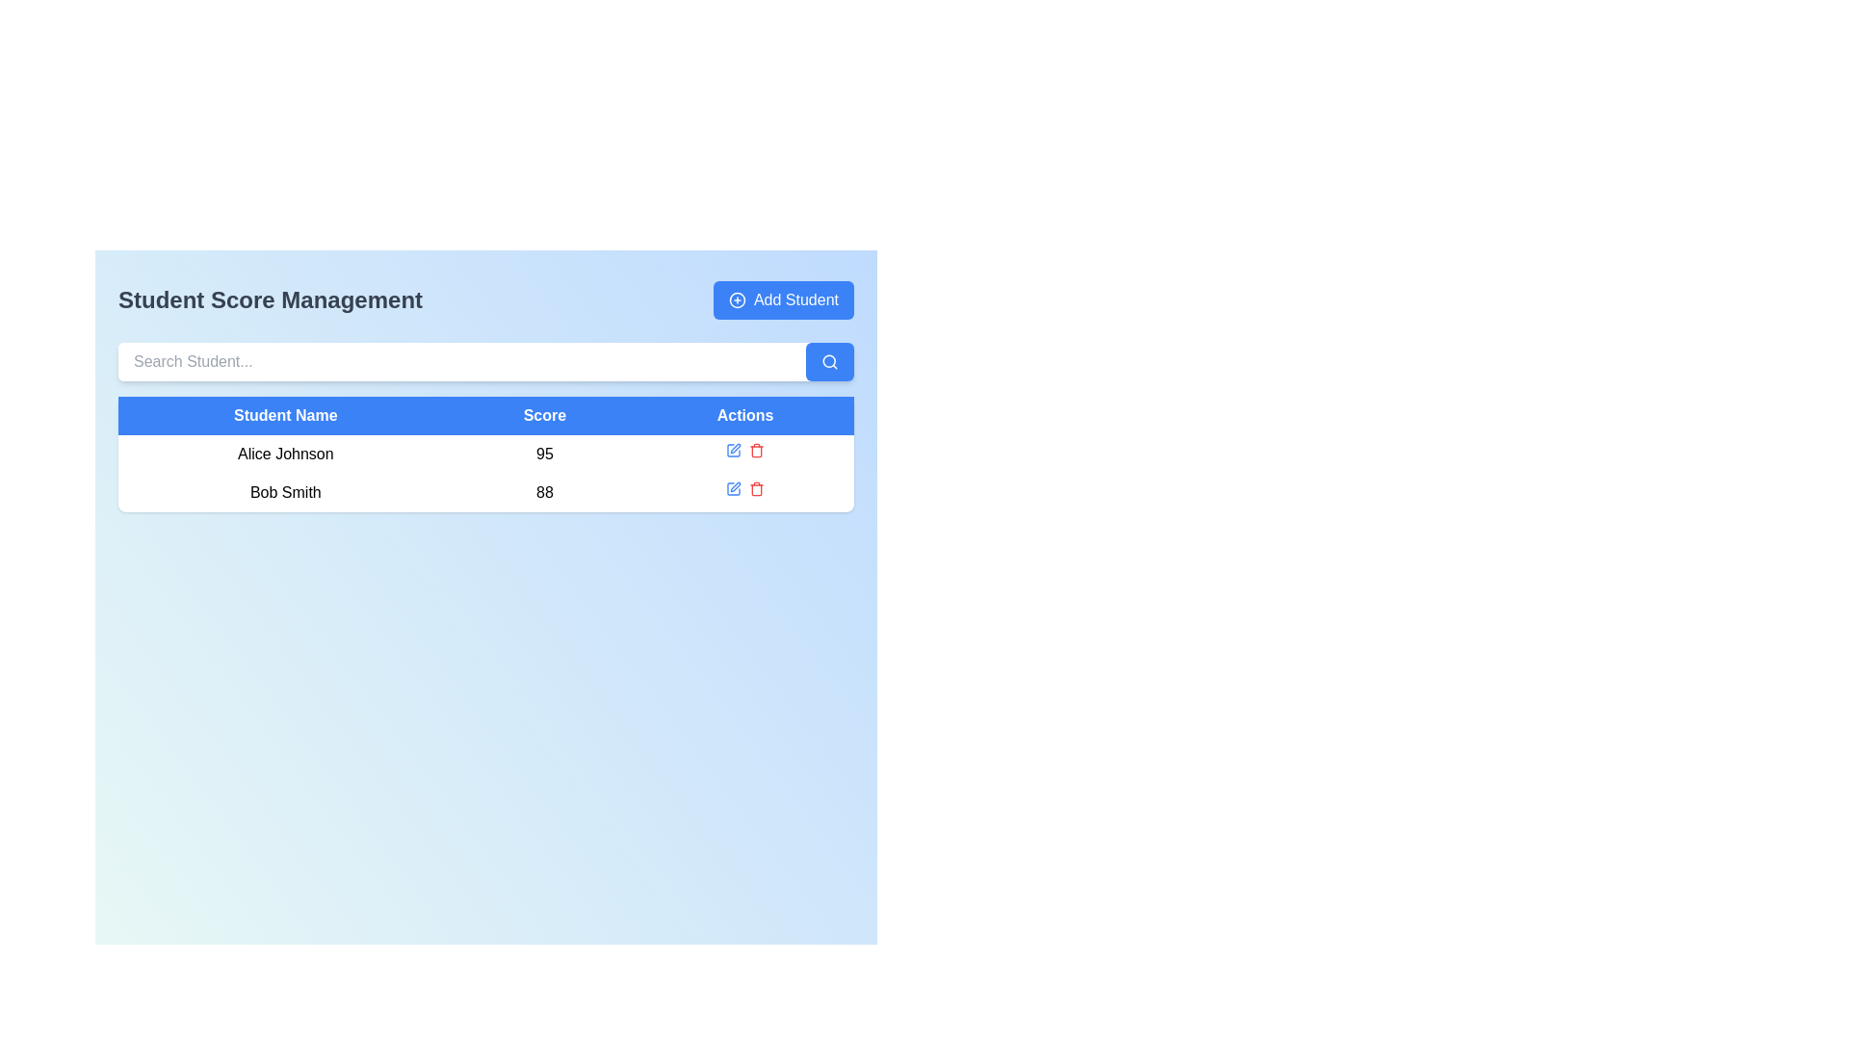 Image resolution: width=1849 pixels, height=1040 pixels. Describe the element at coordinates (543, 454) in the screenshot. I see `the score display element showing '95' for the student 'Alice Johnson' in the Score column of the table` at that location.